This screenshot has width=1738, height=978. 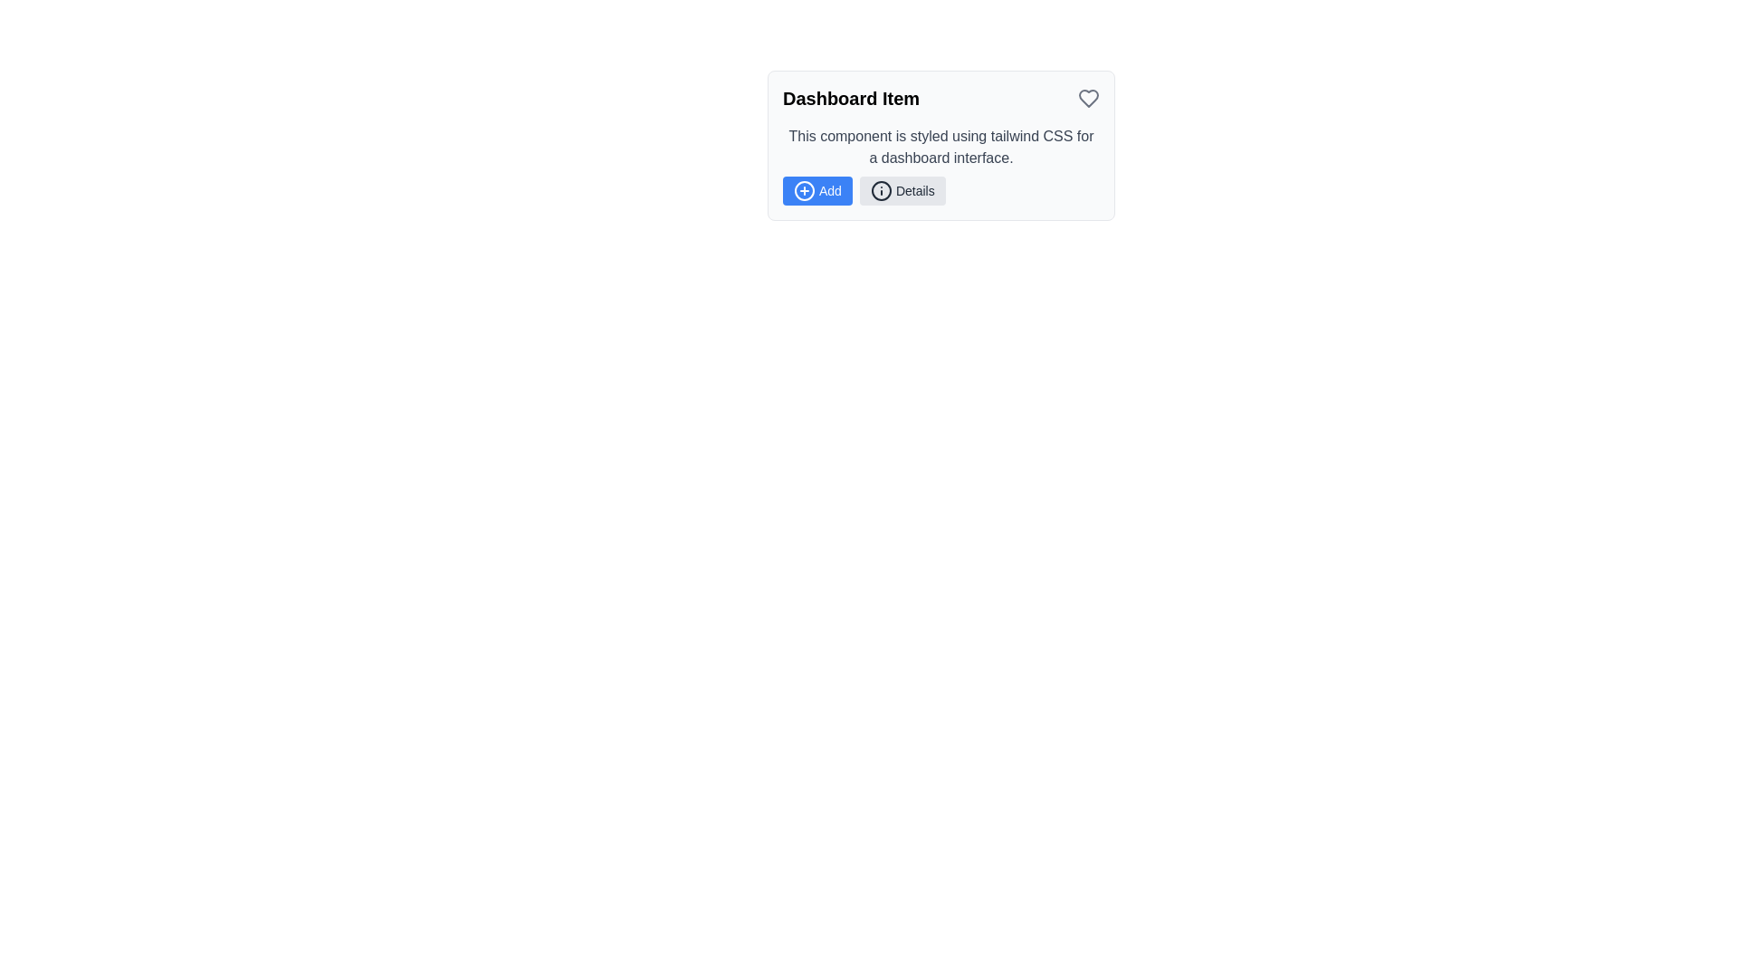 What do you see at coordinates (902, 191) in the screenshot?
I see `the information button located to the right of the blue 'Add' button in the bottom central section of the dashboard` at bounding box center [902, 191].